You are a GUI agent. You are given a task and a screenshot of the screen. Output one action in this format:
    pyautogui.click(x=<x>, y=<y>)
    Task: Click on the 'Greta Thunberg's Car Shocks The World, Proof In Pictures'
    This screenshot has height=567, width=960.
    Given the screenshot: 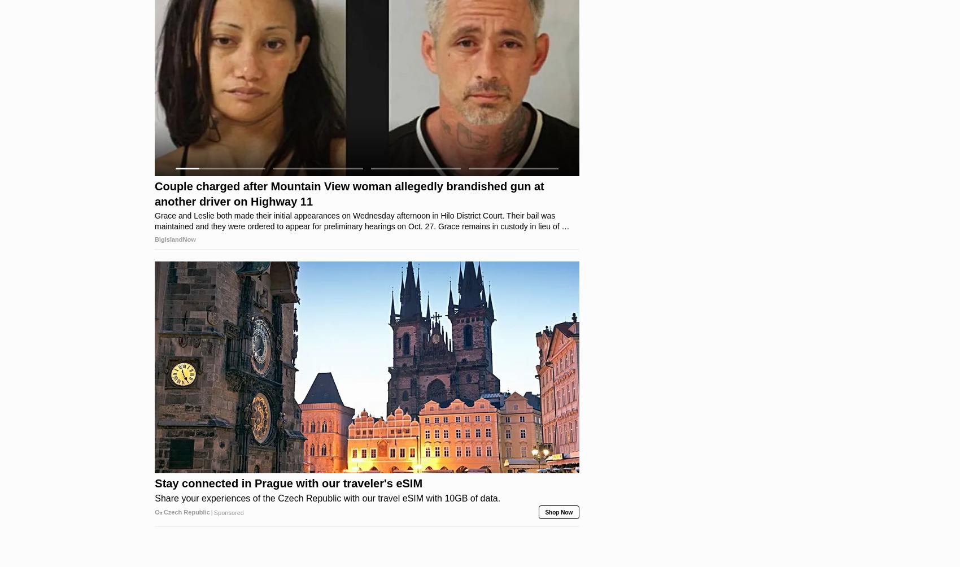 What is the action you would take?
    pyautogui.click(x=311, y=186)
    